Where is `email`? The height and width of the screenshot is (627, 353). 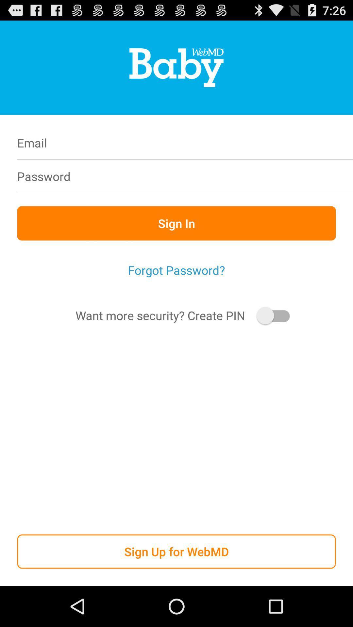
email is located at coordinates (218, 142).